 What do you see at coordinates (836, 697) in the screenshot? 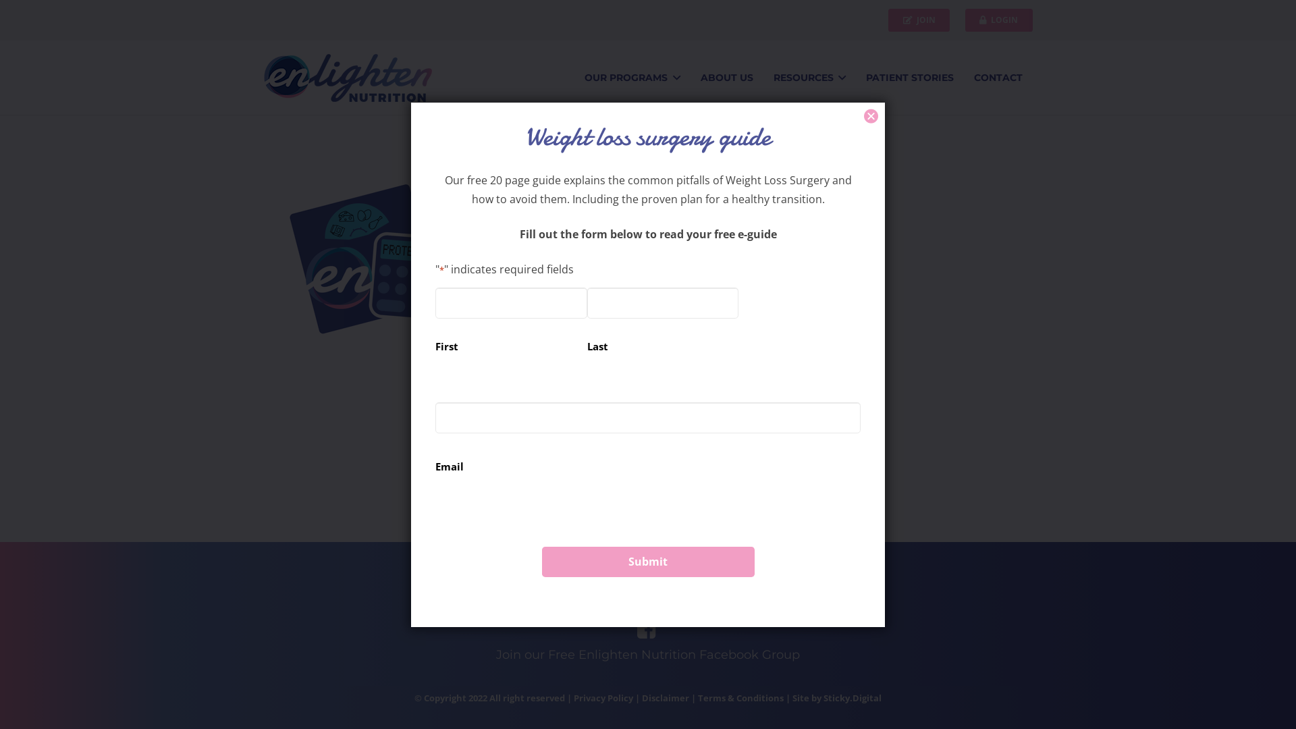
I see `'Site by Sticky.Digital'` at bounding box center [836, 697].